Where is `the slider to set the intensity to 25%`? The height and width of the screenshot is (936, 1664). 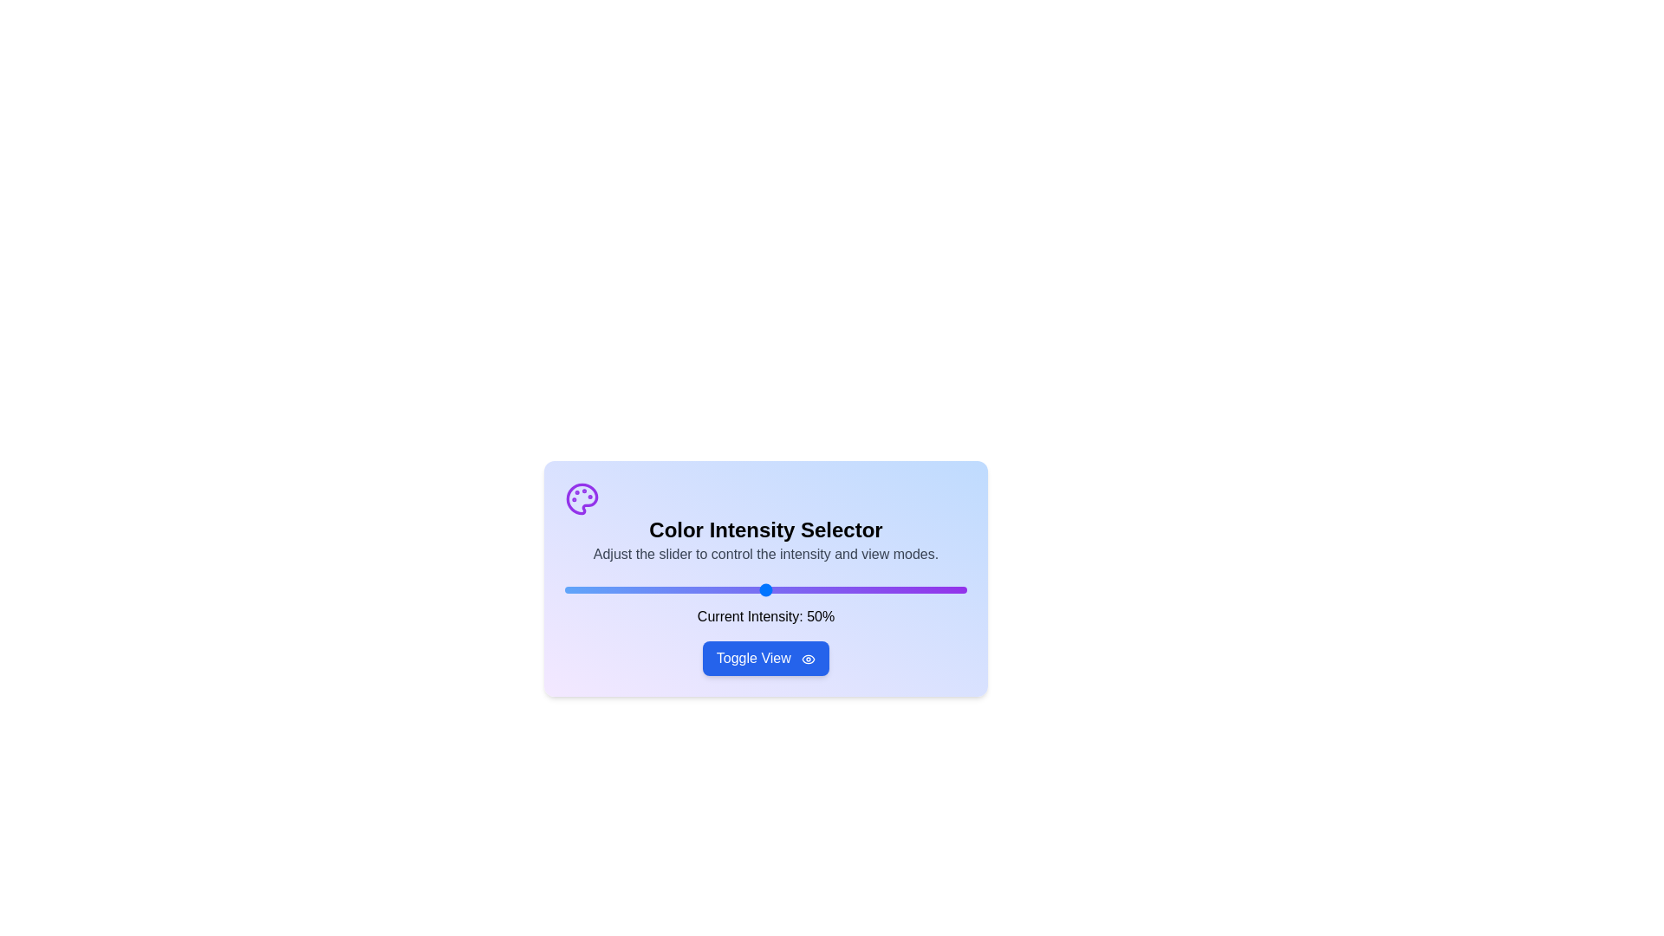 the slider to set the intensity to 25% is located at coordinates (665, 589).